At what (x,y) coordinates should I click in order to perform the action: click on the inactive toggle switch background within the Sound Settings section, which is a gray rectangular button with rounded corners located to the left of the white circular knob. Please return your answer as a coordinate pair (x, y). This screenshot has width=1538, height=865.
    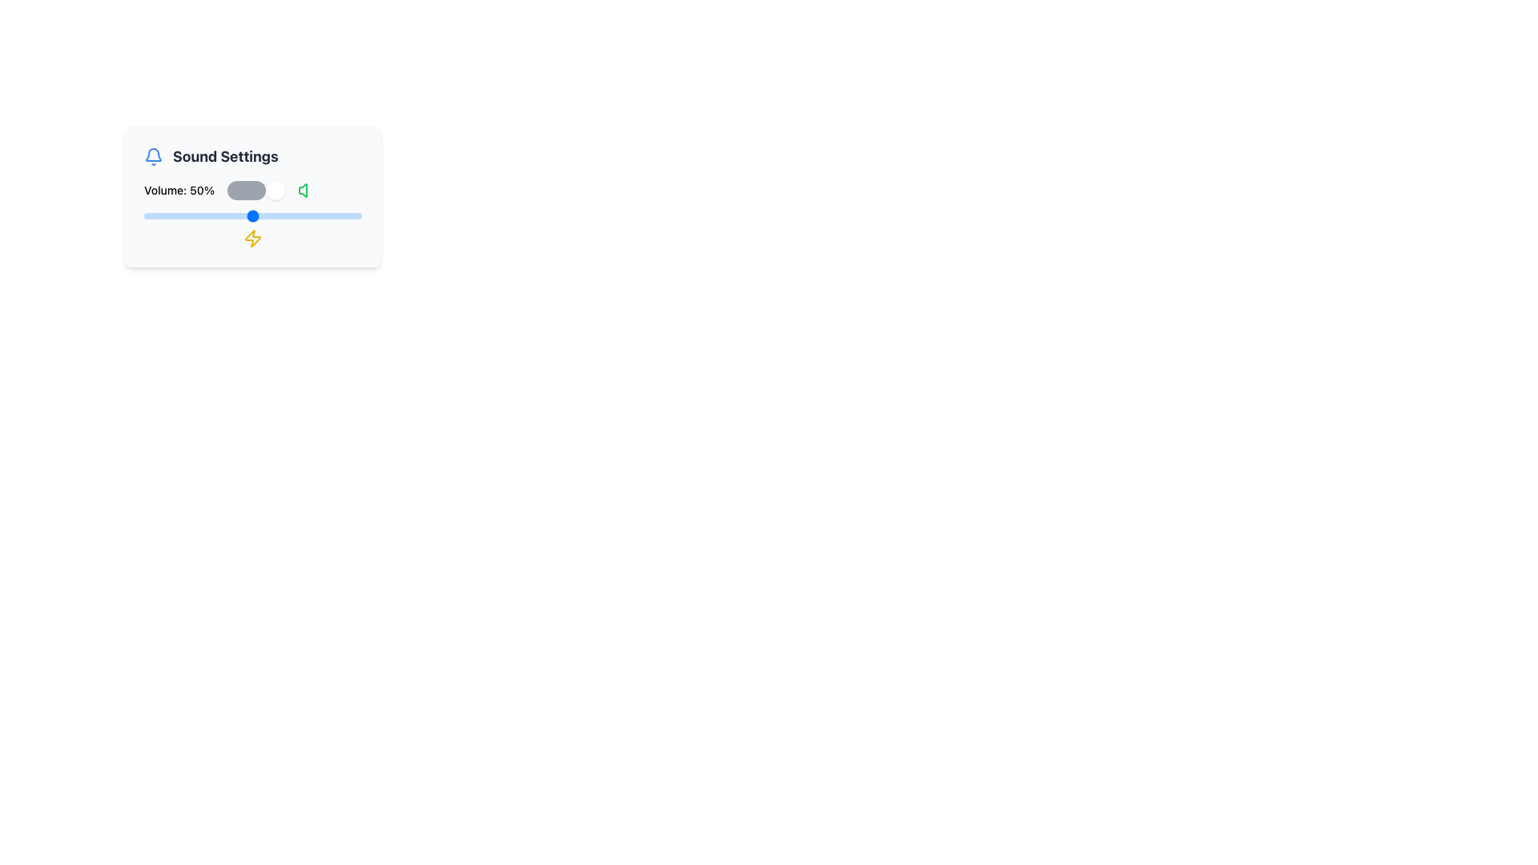
    Looking at the image, I should click on (245, 190).